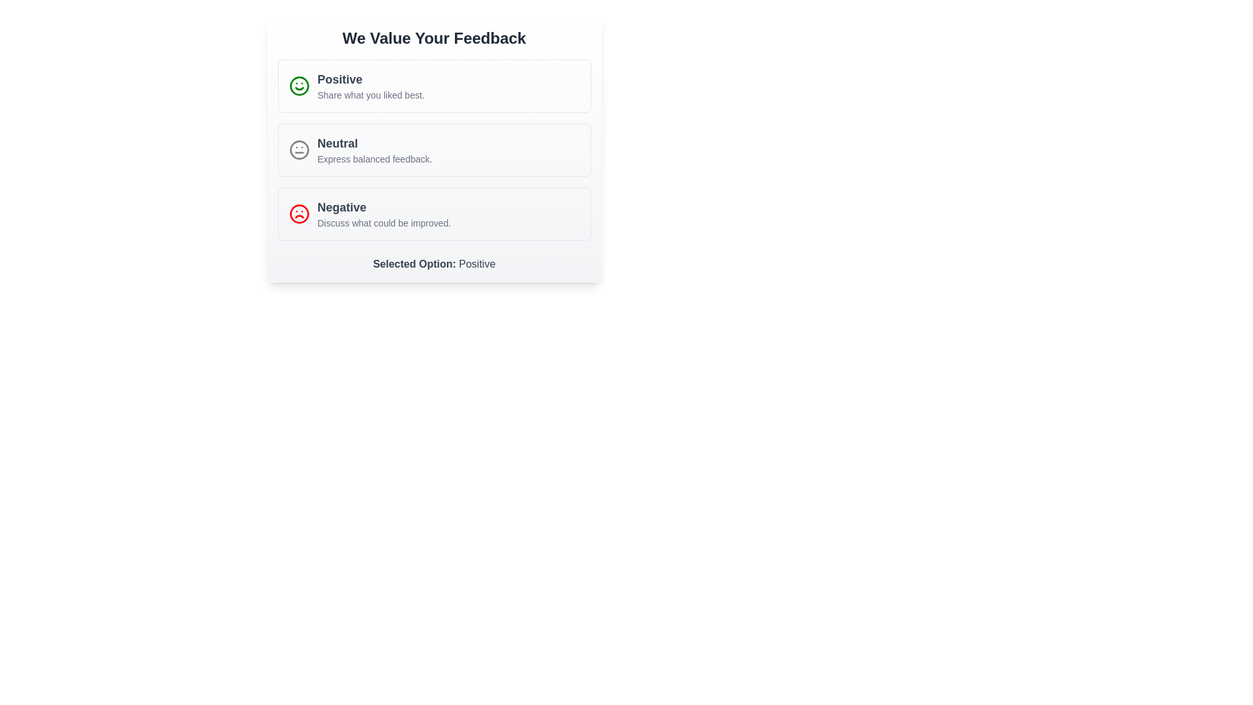 The width and height of the screenshot is (1253, 705). What do you see at coordinates (298, 149) in the screenshot?
I see `the circular neutral face icon located to the left of the text labeled 'Neutral: Express balanced feedback.' This icon features a minimalist design with a gray outline and two dot eyes` at bounding box center [298, 149].